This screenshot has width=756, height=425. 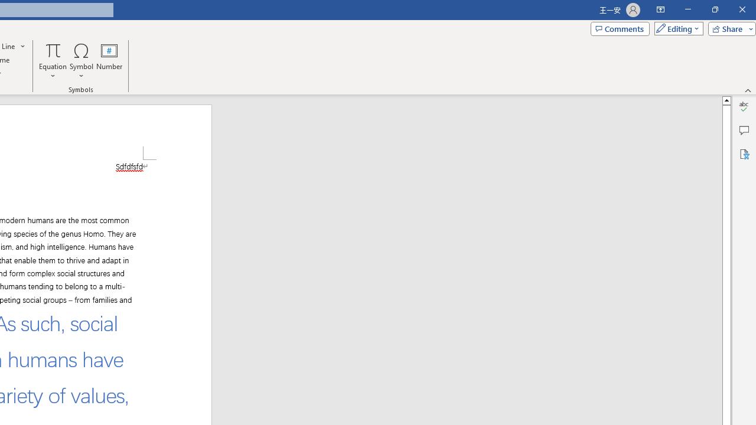 I want to click on 'Equation', so click(x=53, y=61).